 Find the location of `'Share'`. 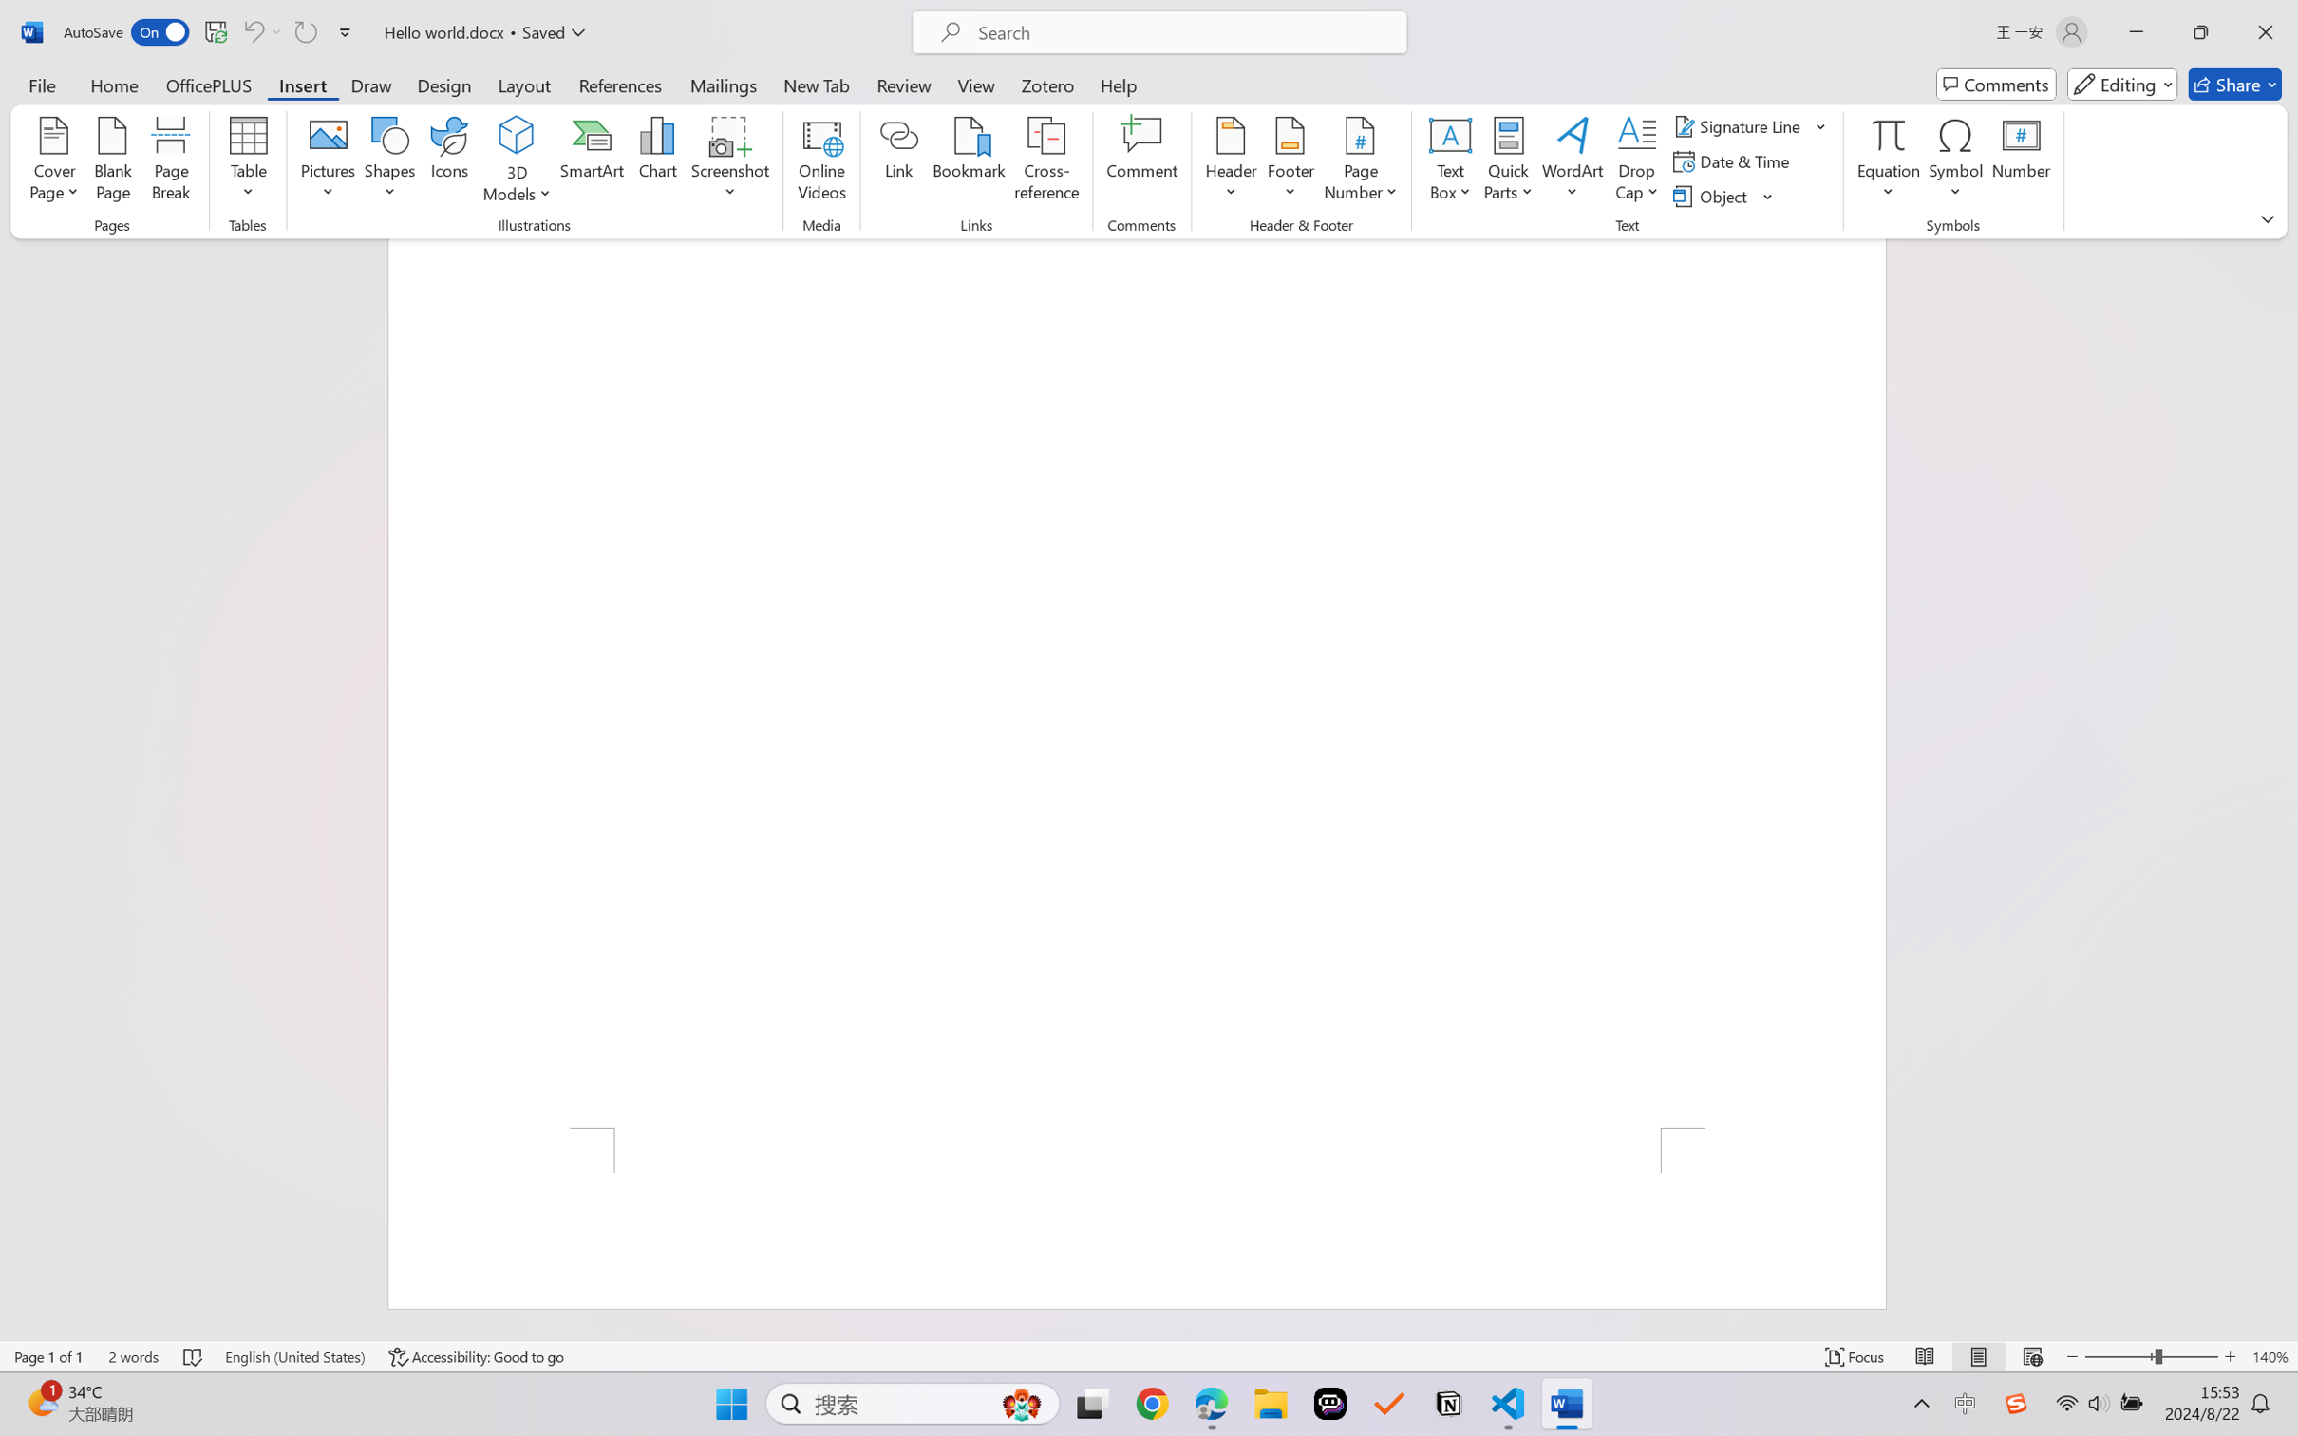

'Share' is located at coordinates (2233, 84).